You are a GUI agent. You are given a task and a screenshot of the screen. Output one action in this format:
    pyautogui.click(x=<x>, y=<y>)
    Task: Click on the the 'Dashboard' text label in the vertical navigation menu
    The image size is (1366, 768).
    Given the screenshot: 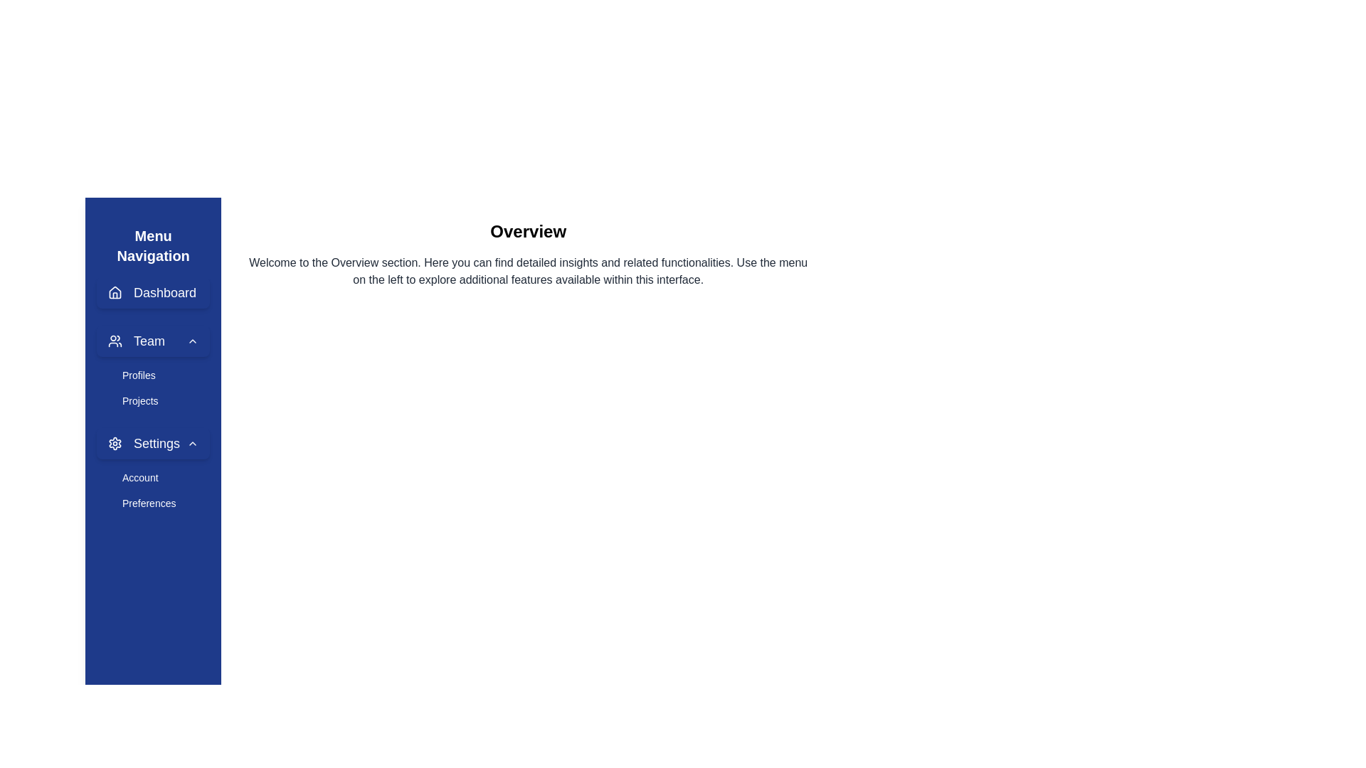 What is the action you would take?
    pyautogui.click(x=166, y=292)
    